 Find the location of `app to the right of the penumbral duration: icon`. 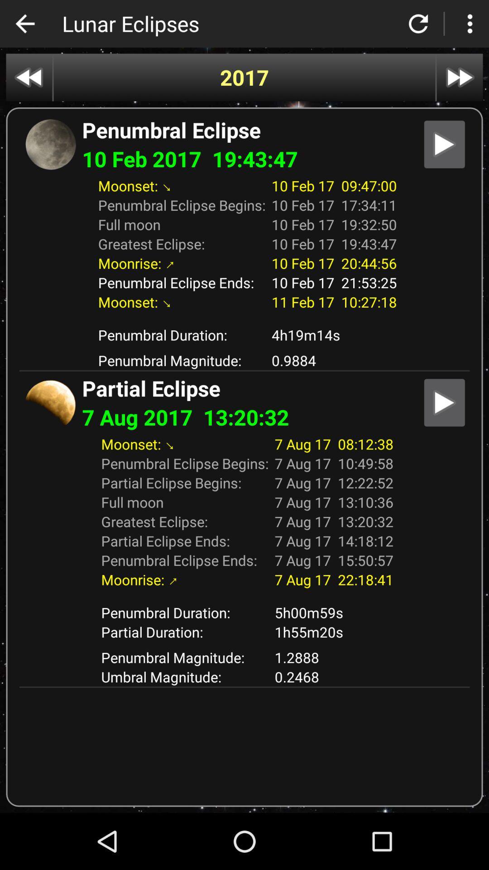

app to the right of the penumbral duration: icon is located at coordinates (334, 631).